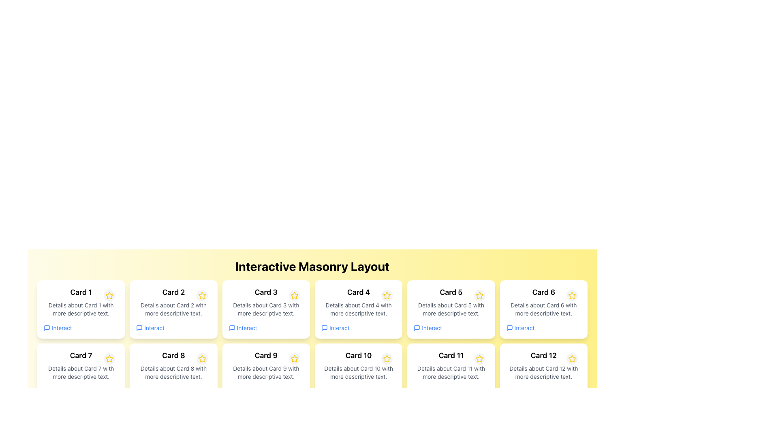 The height and width of the screenshot is (438, 778). Describe the element at coordinates (109, 358) in the screenshot. I see `the star icon associated with 'Card 7' in the second row and first column` at that location.